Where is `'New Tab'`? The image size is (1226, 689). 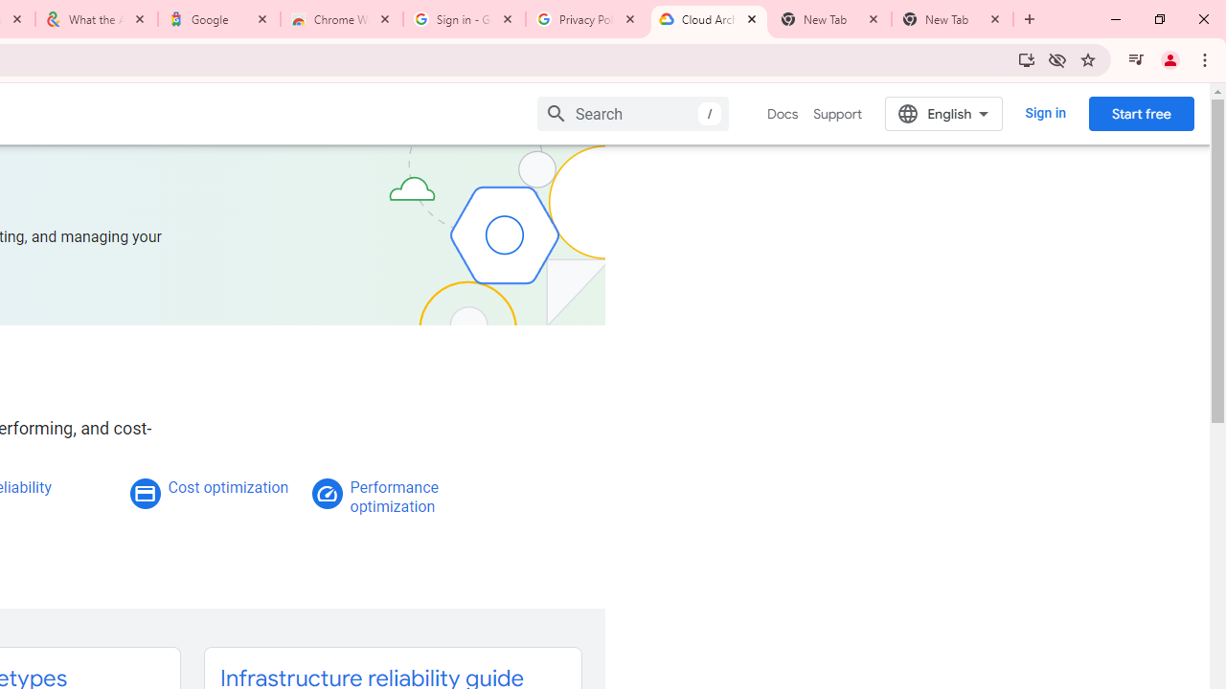 'New Tab' is located at coordinates (952, 19).